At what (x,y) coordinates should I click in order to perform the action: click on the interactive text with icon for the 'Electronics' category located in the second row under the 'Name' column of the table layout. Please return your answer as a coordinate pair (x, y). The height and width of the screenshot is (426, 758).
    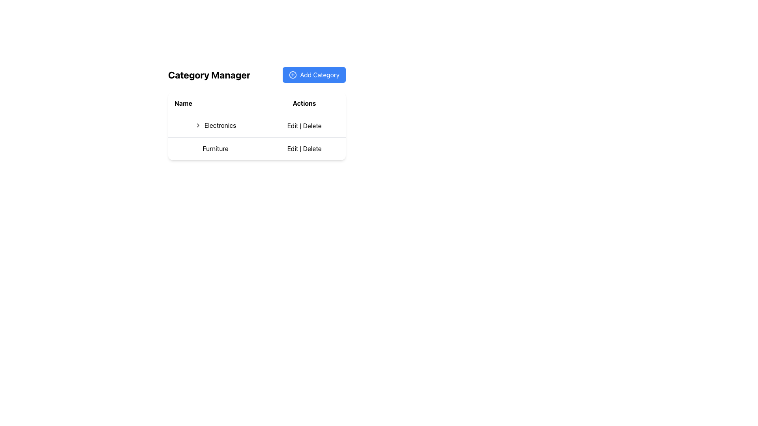
    Looking at the image, I should click on (216, 125).